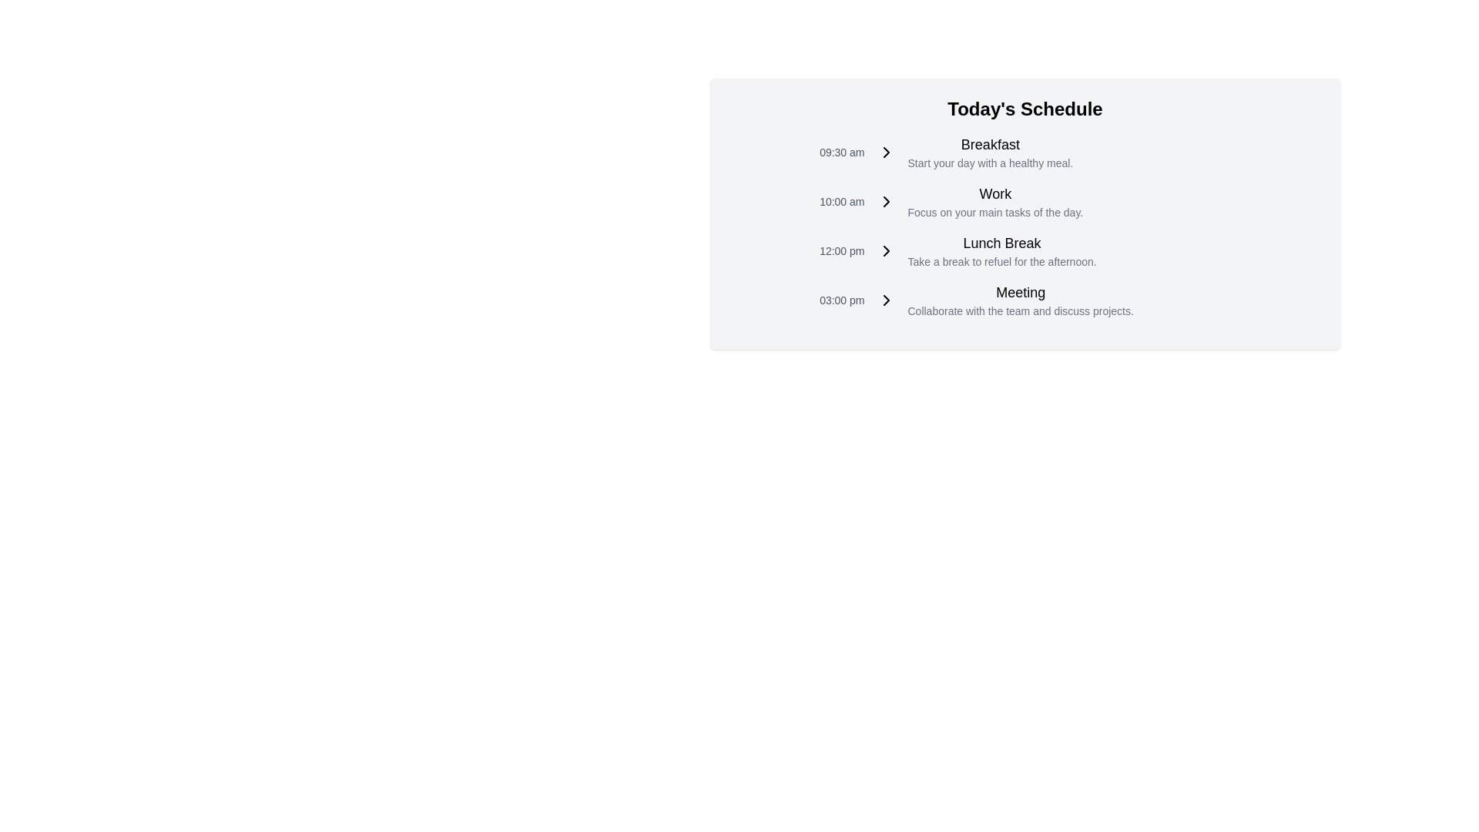 This screenshot has width=1479, height=832. Describe the element at coordinates (886, 250) in the screenshot. I see `the right-pointing arrow icon next to the 'Lunch Break' text in the 'Today's Schedule' section` at that location.